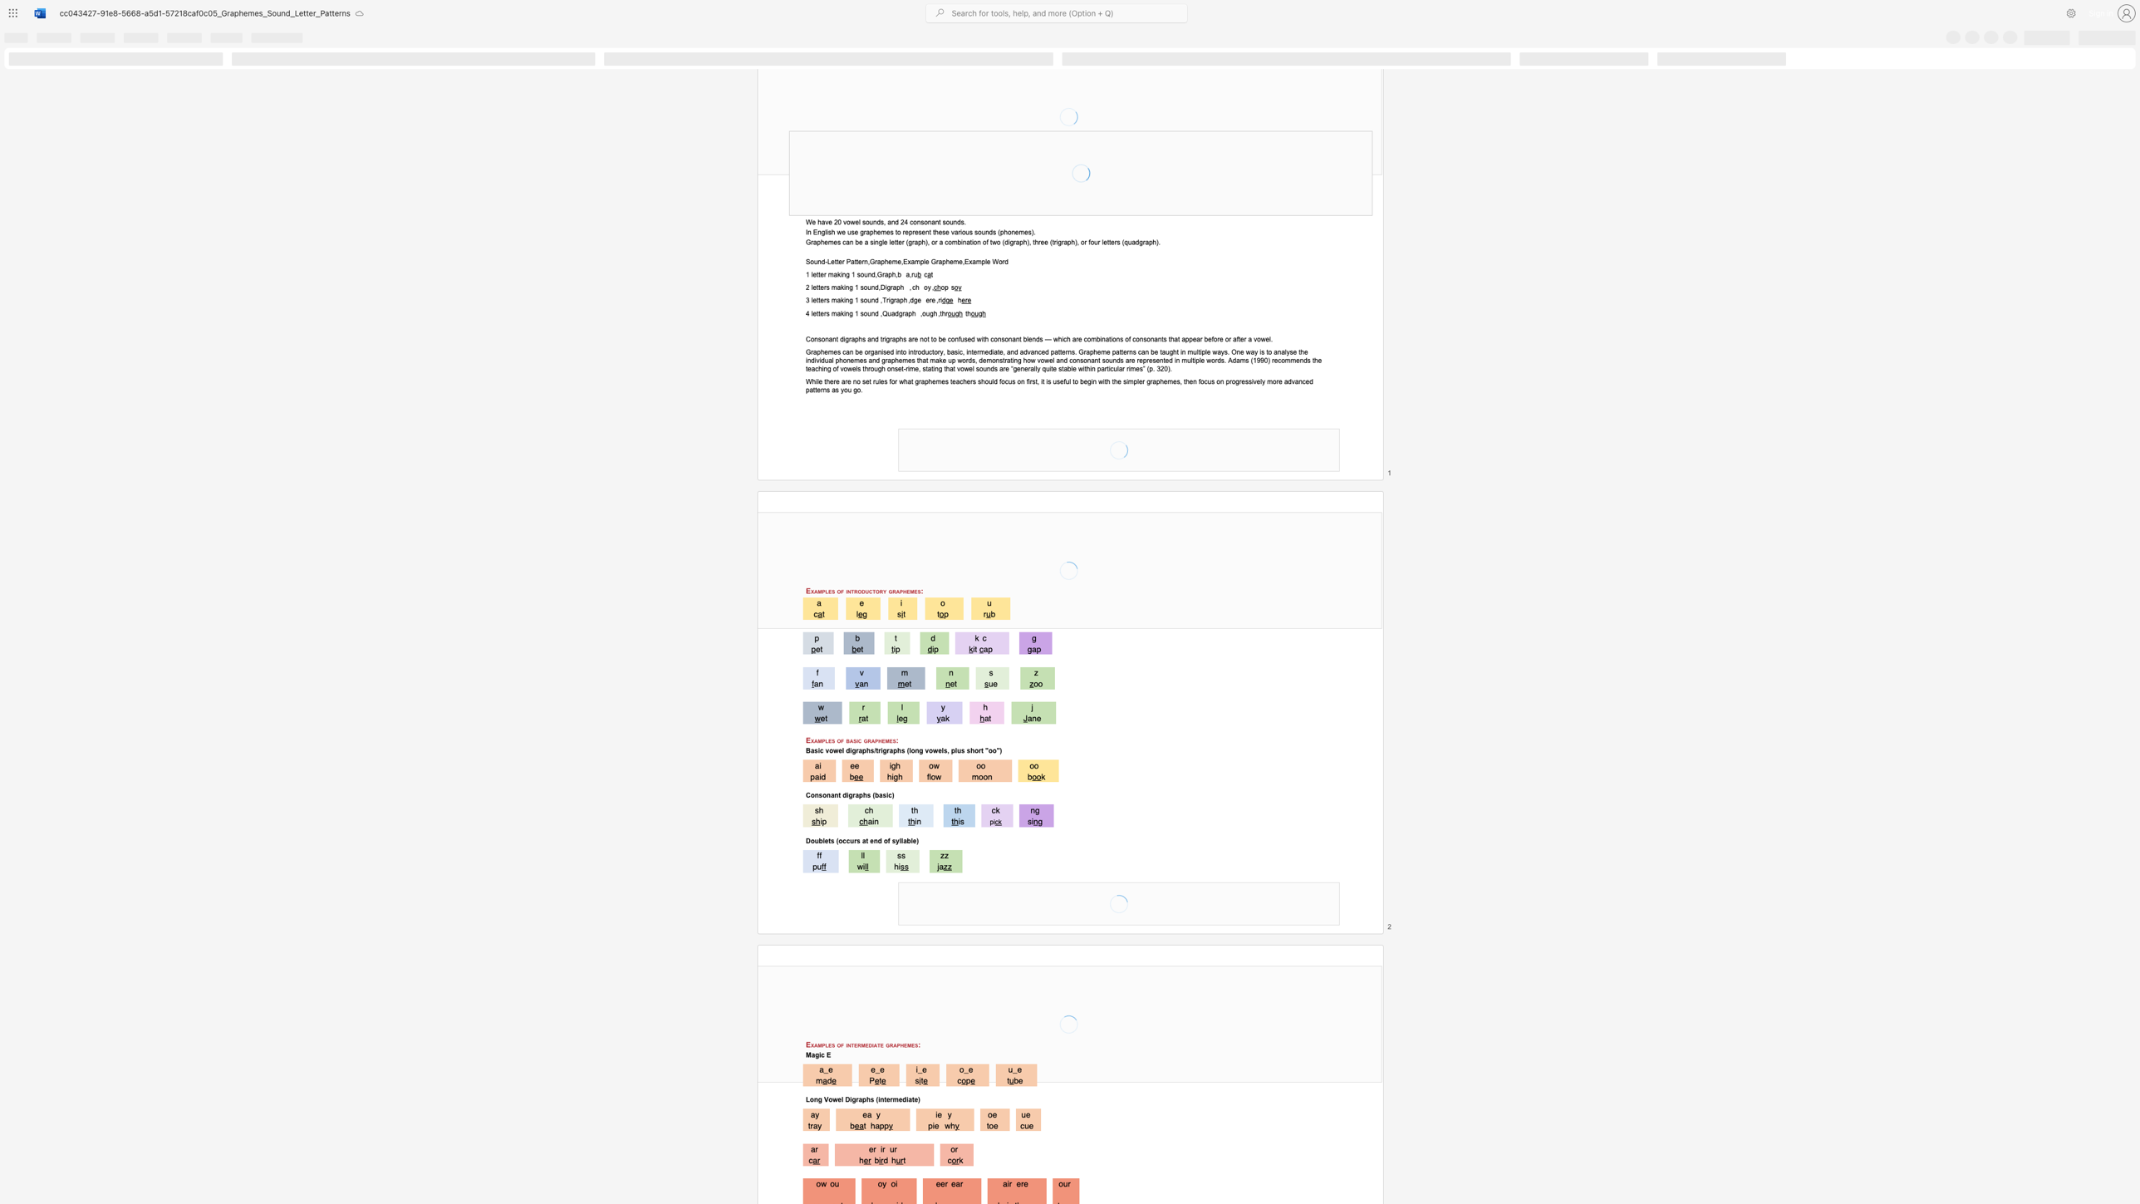 The image size is (2140, 1204). Describe the element at coordinates (849, 222) in the screenshot. I see `the space between the continuous character "o" and "w" in the text` at that location.